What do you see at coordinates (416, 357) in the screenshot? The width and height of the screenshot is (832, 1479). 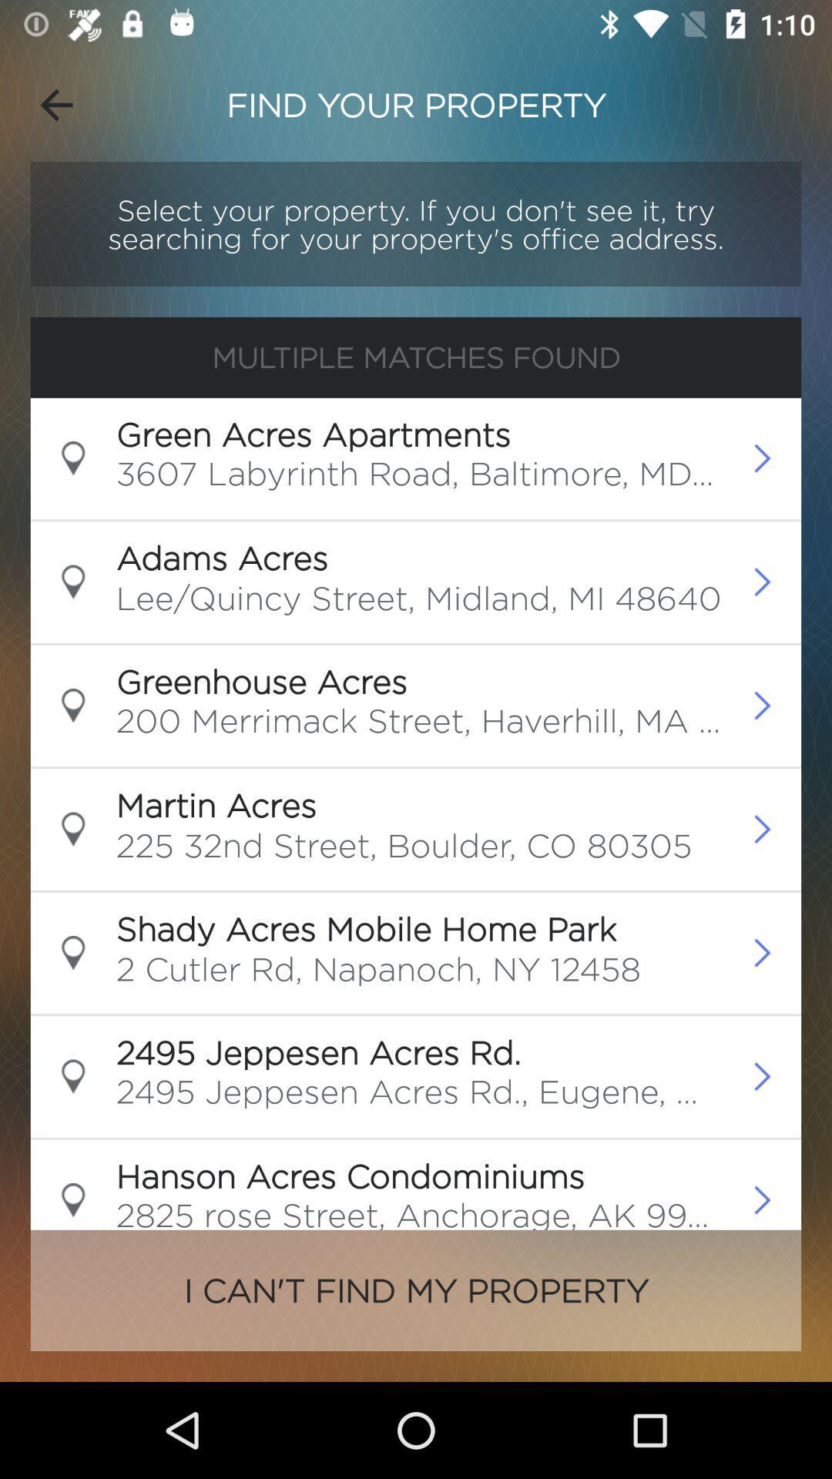 I see `the item below select your property app` at bounding box center [416, 357].